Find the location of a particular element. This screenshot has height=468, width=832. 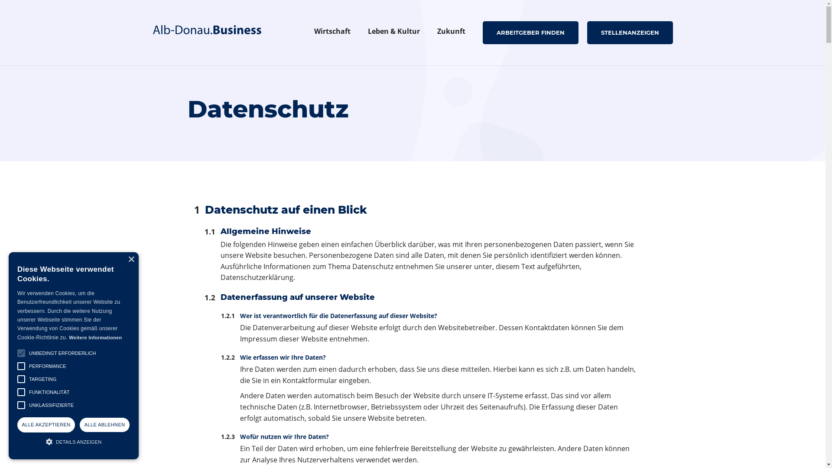

'Weitere Informationen' is located at coordinates (68, 337).